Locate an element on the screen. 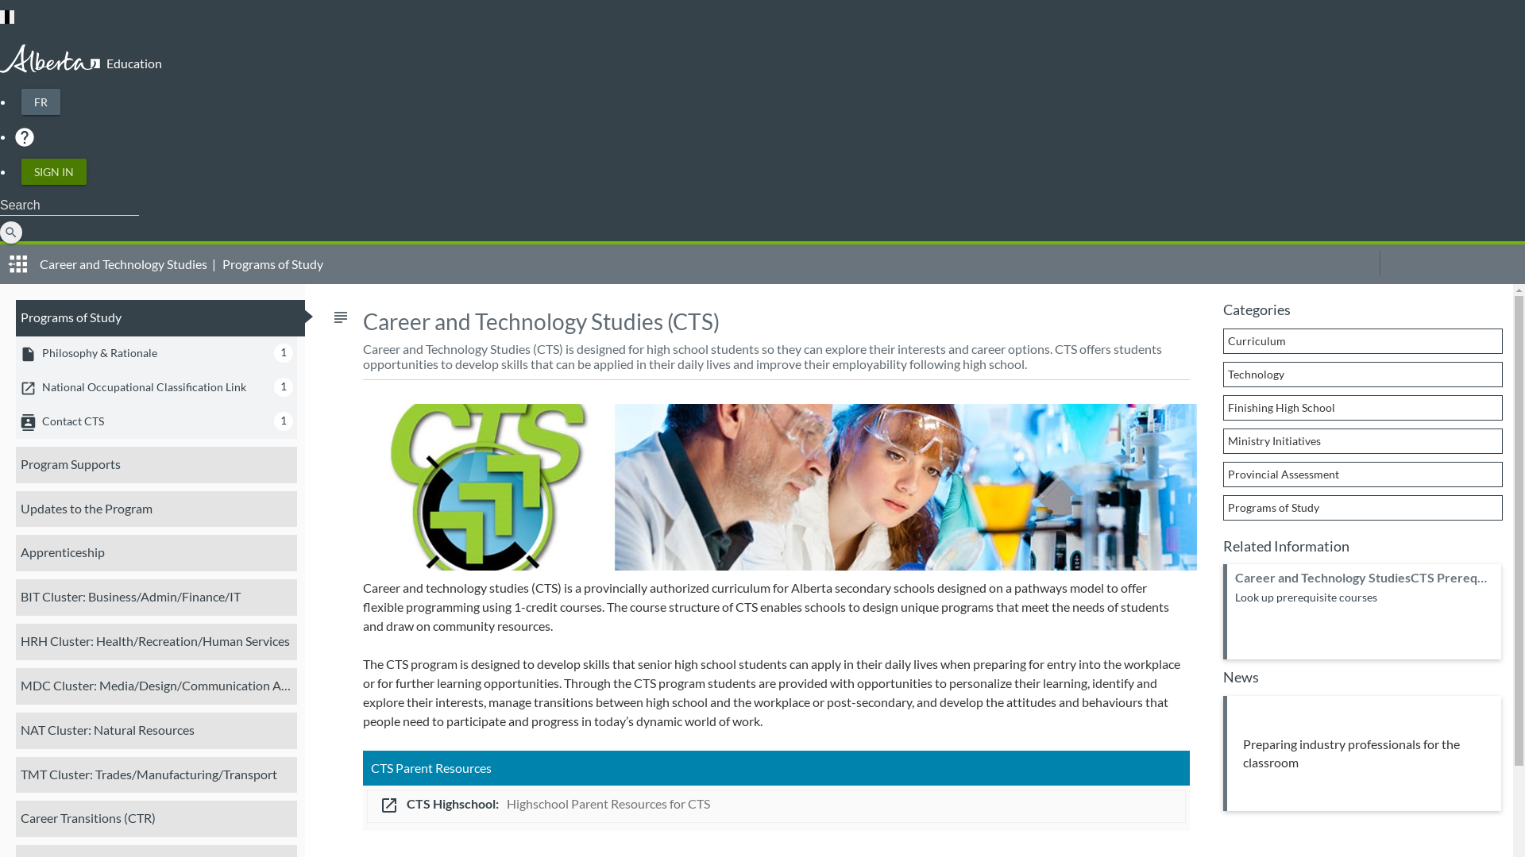  'TMT Cluster: Trades/Manufacturing/Transport' is located at coordinates (156, 774).